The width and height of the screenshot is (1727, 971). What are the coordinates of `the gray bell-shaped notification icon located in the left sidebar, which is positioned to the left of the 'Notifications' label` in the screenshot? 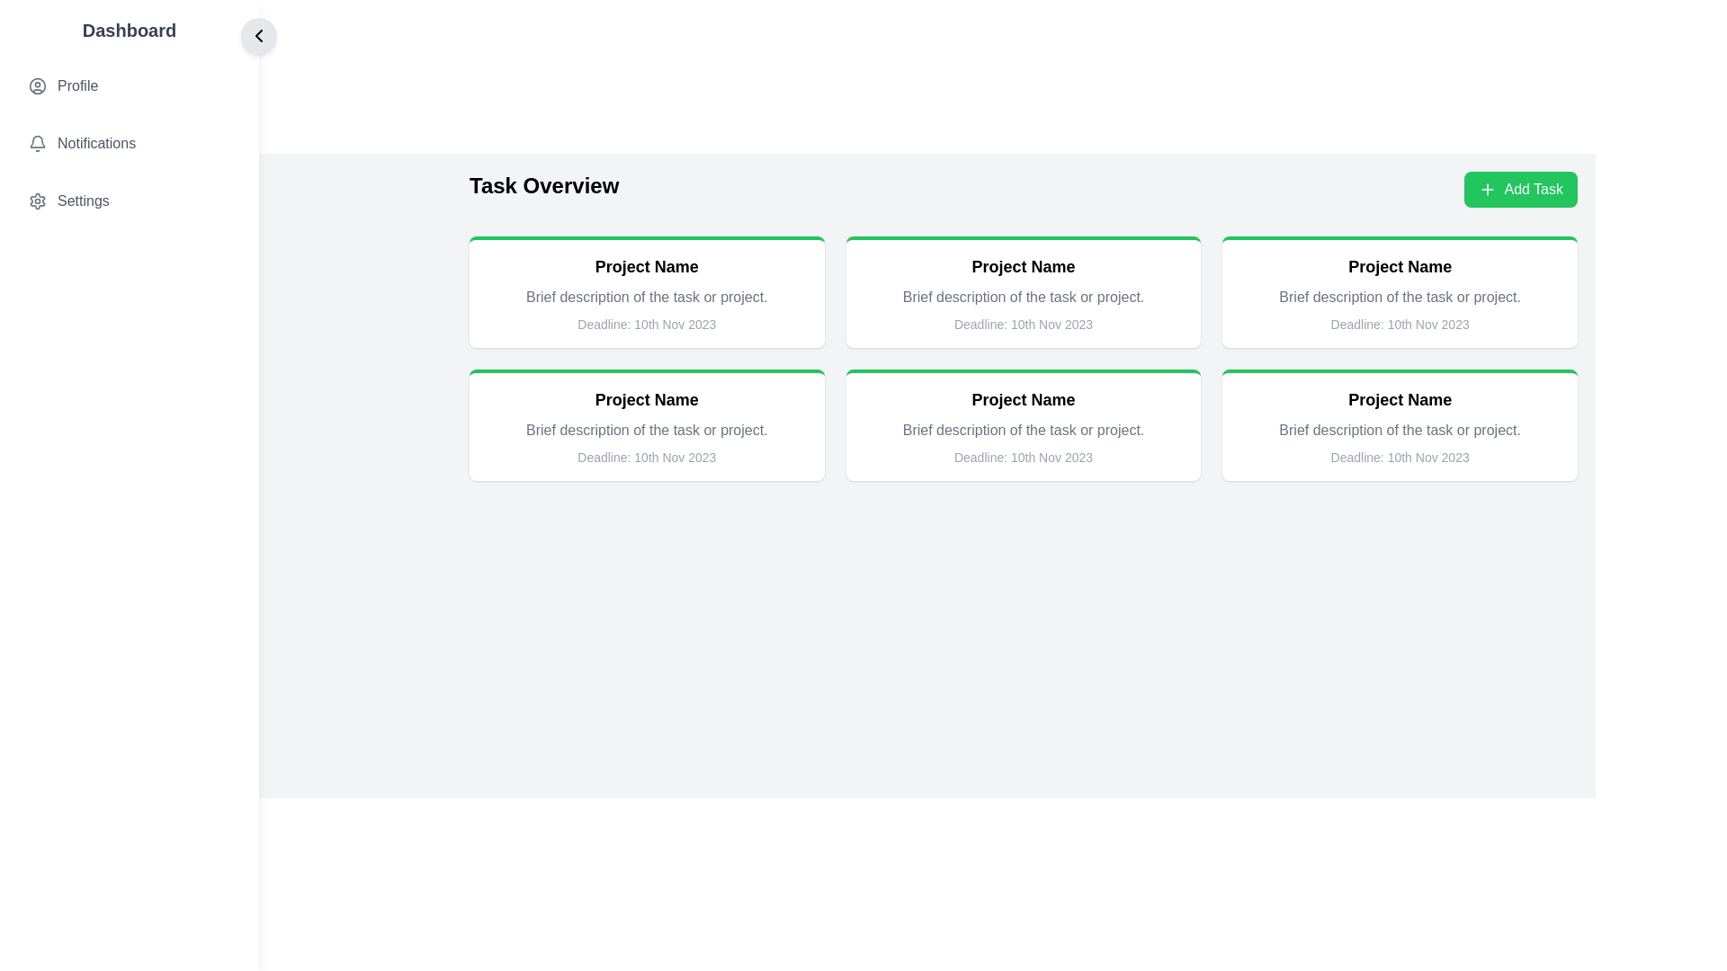 It's located at (38, 142).